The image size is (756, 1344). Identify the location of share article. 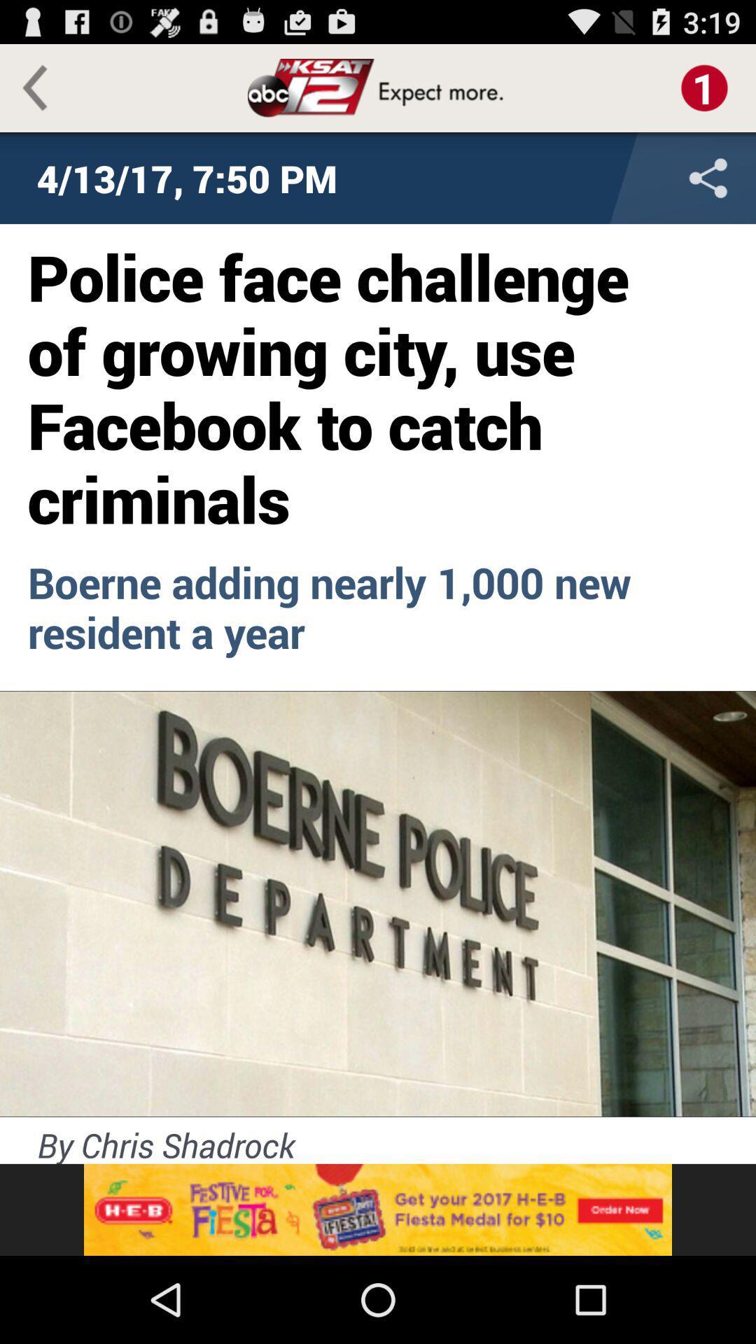
(615, 177).